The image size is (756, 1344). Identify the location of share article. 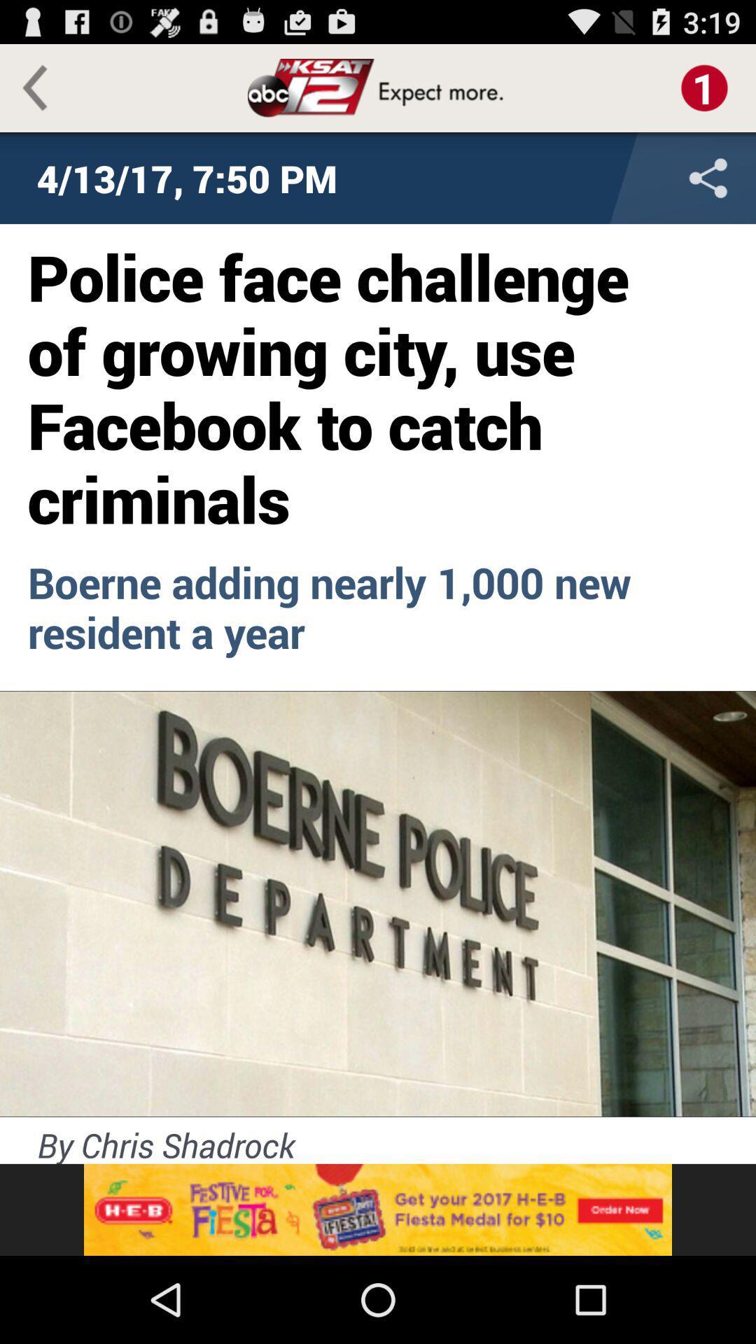
(615, 177).